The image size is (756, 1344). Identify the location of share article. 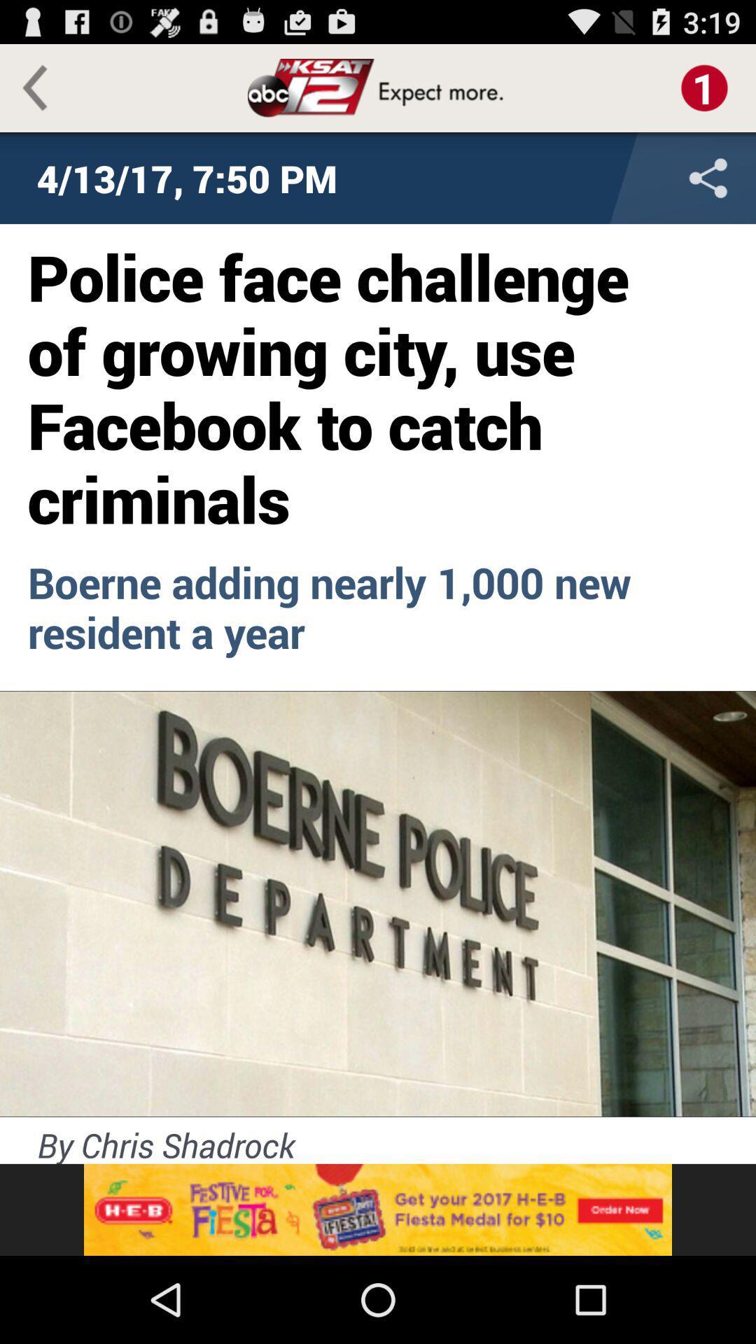
(615, 177).